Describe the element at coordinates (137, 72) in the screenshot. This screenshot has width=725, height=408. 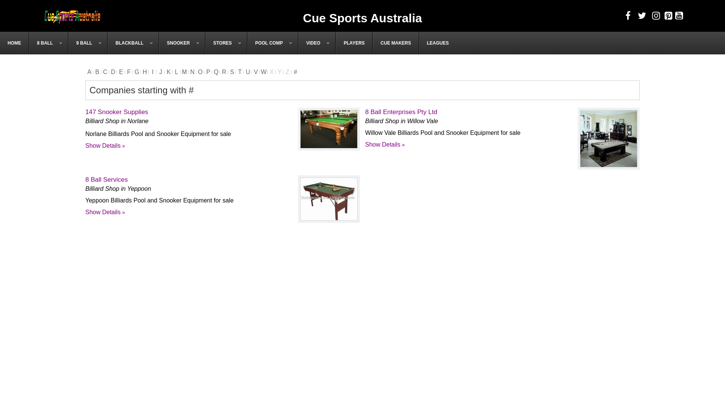
I see `'G'` at that location.